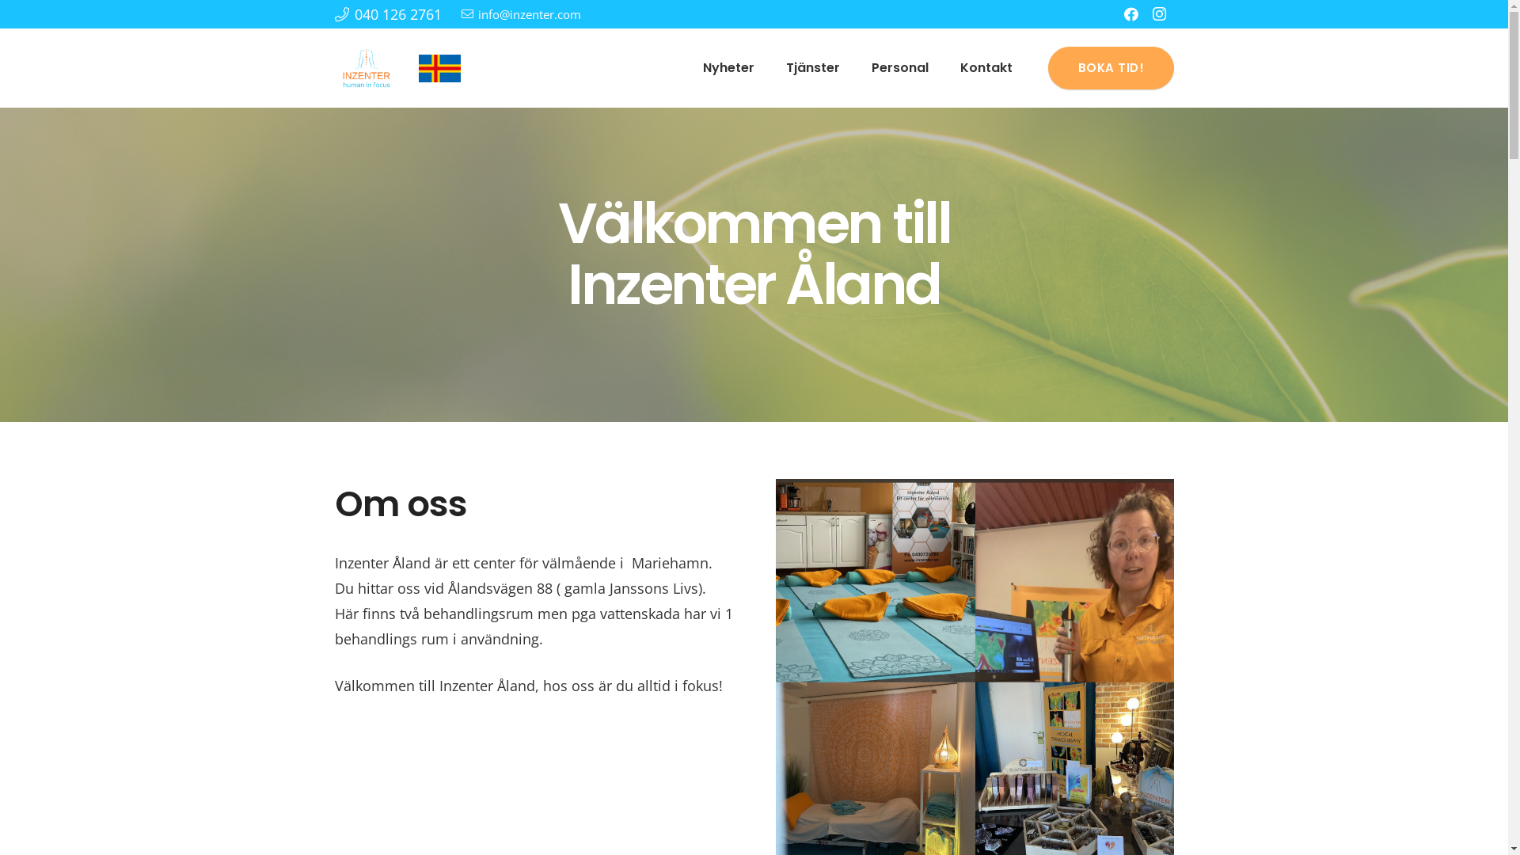 The width and height of the screenshot is (1520, 855). Describe the element at coordinates (1130, 14) in the screenshot. I see `'Facebook'` at that location.